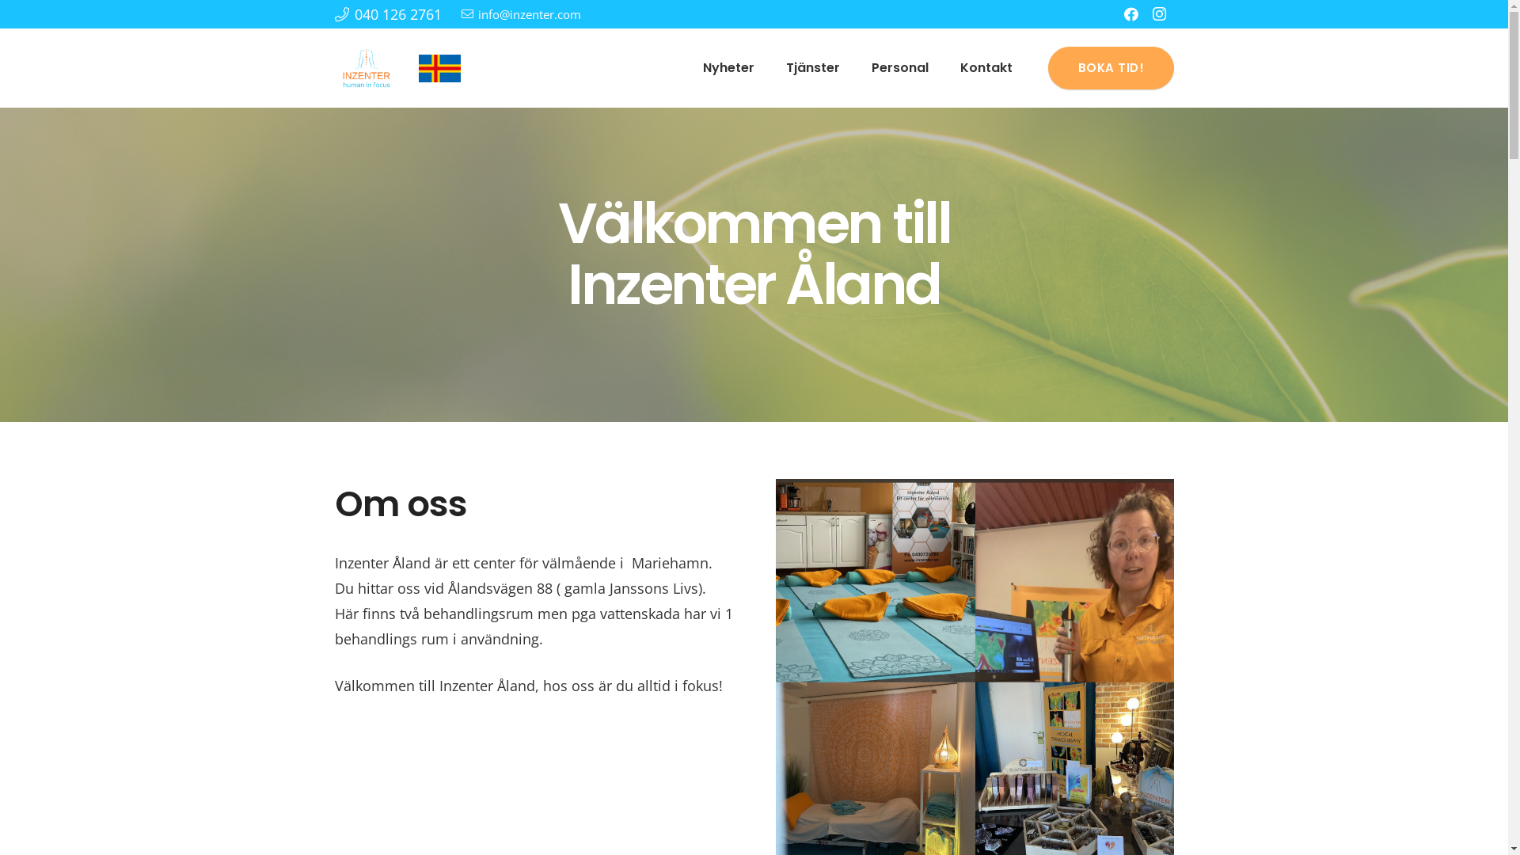 The width and height of the screenshot is (1520, 855). Describe the element at coordinates (1130, 14) in the screenshot. I see `'Facebook'` at that location.